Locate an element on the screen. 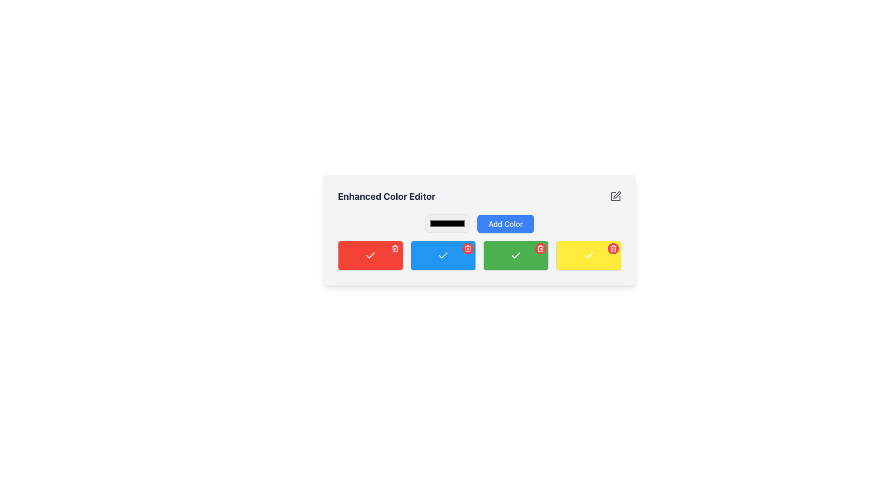 The width and height of the screenshot is (895, 503). the square-shaped SVG graphical element representing editing functionality located in the top-right corner of the 'Enhanced Color Editor' component is located at coordinates (615, 196).